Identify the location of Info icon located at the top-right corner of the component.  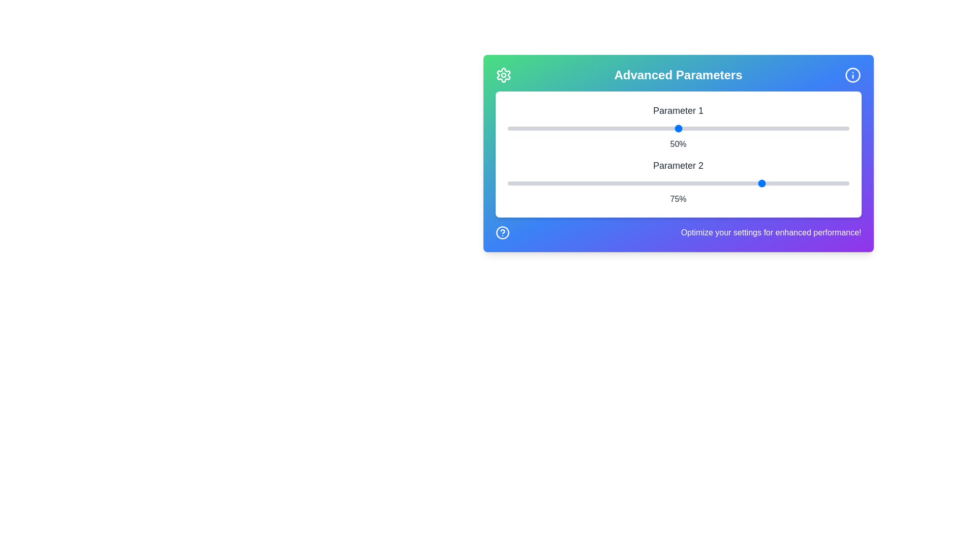
(853, 74).